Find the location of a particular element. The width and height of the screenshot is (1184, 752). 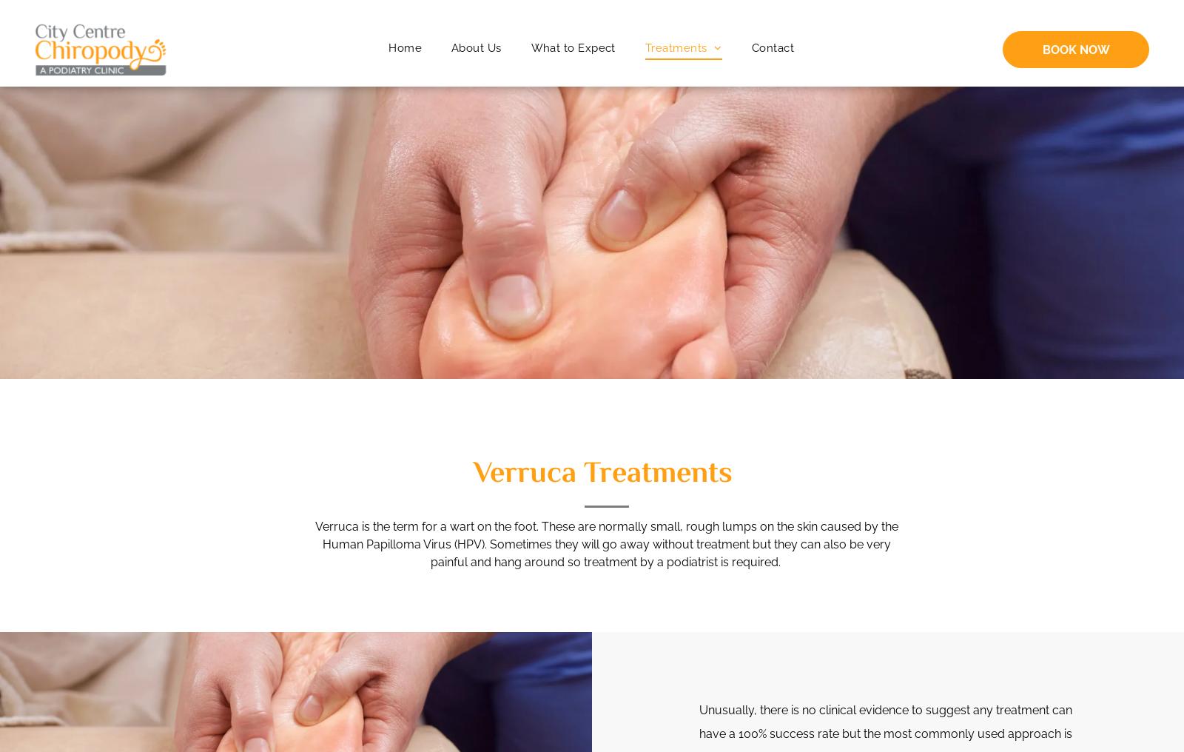

'About Us' is located at coordinates (476, 47).